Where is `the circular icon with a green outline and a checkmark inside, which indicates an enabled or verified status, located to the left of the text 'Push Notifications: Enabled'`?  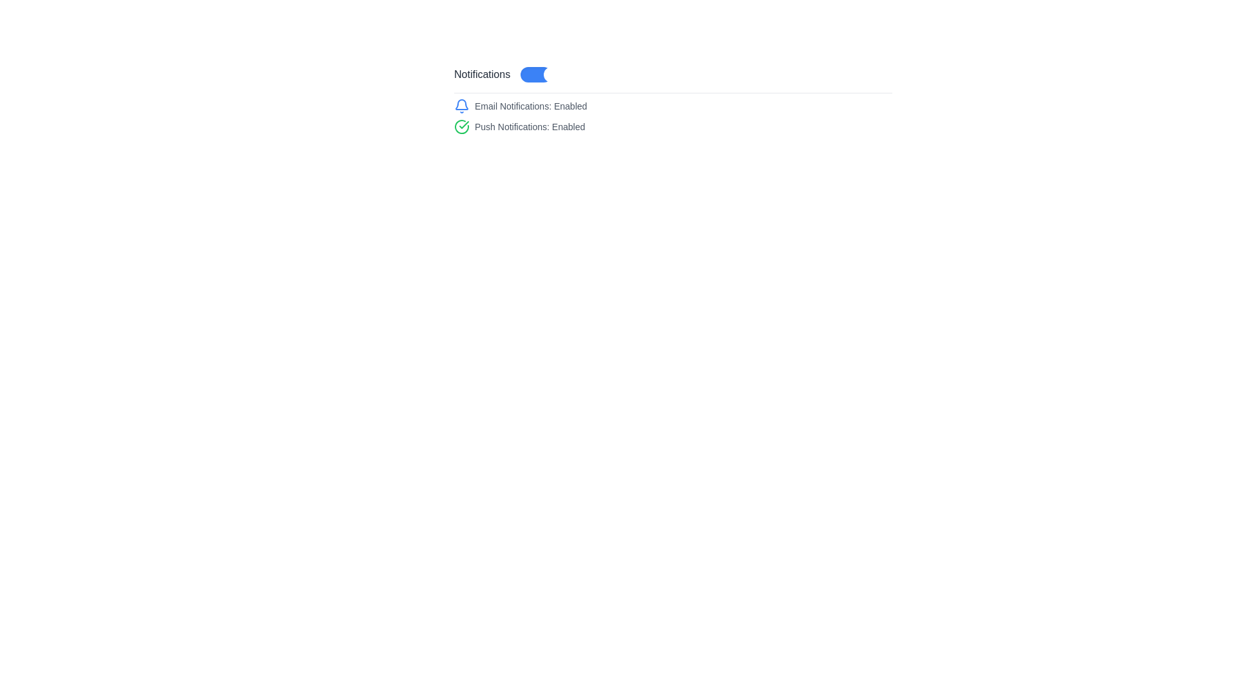
the circular icon with a green outline and a checkmark inside, which indicates an enabled or verified status, located to the left of the text 'Push Notifications: Enabled' is located at coordinates (461, 126).